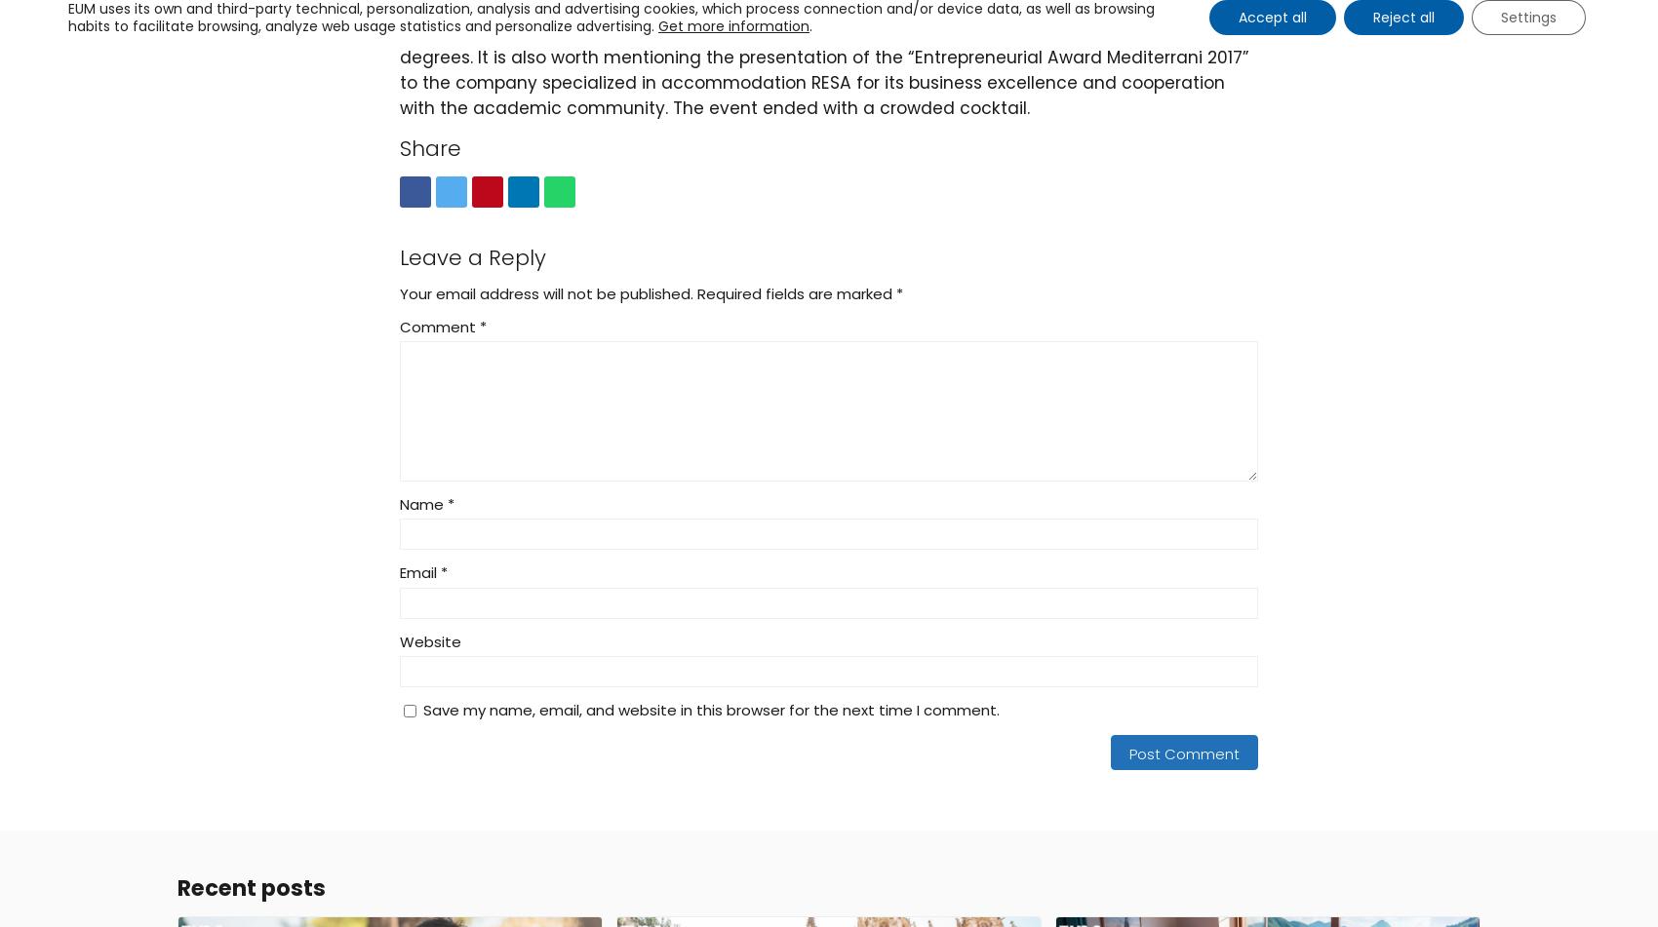 Image resolution: width=1658 pixels, height=927 pixels. Describe the element at coordinates (252, 886) in the screenshot. I see `'Recent posts'` at that location.